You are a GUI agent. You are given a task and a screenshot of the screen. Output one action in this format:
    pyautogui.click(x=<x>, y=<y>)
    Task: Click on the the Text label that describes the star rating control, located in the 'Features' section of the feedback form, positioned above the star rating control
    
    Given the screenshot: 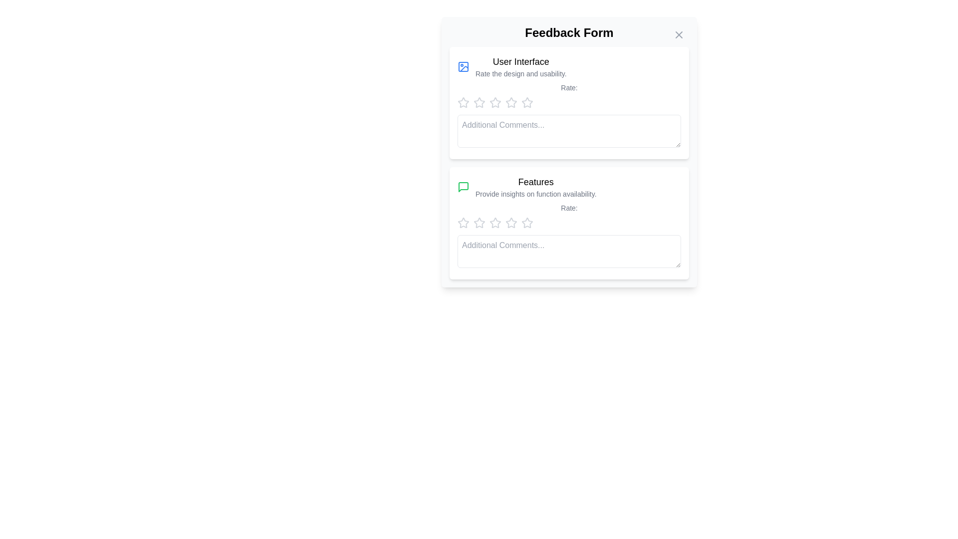 What is the action you would take?
    pyautogui.click(x=569, y=207)
    